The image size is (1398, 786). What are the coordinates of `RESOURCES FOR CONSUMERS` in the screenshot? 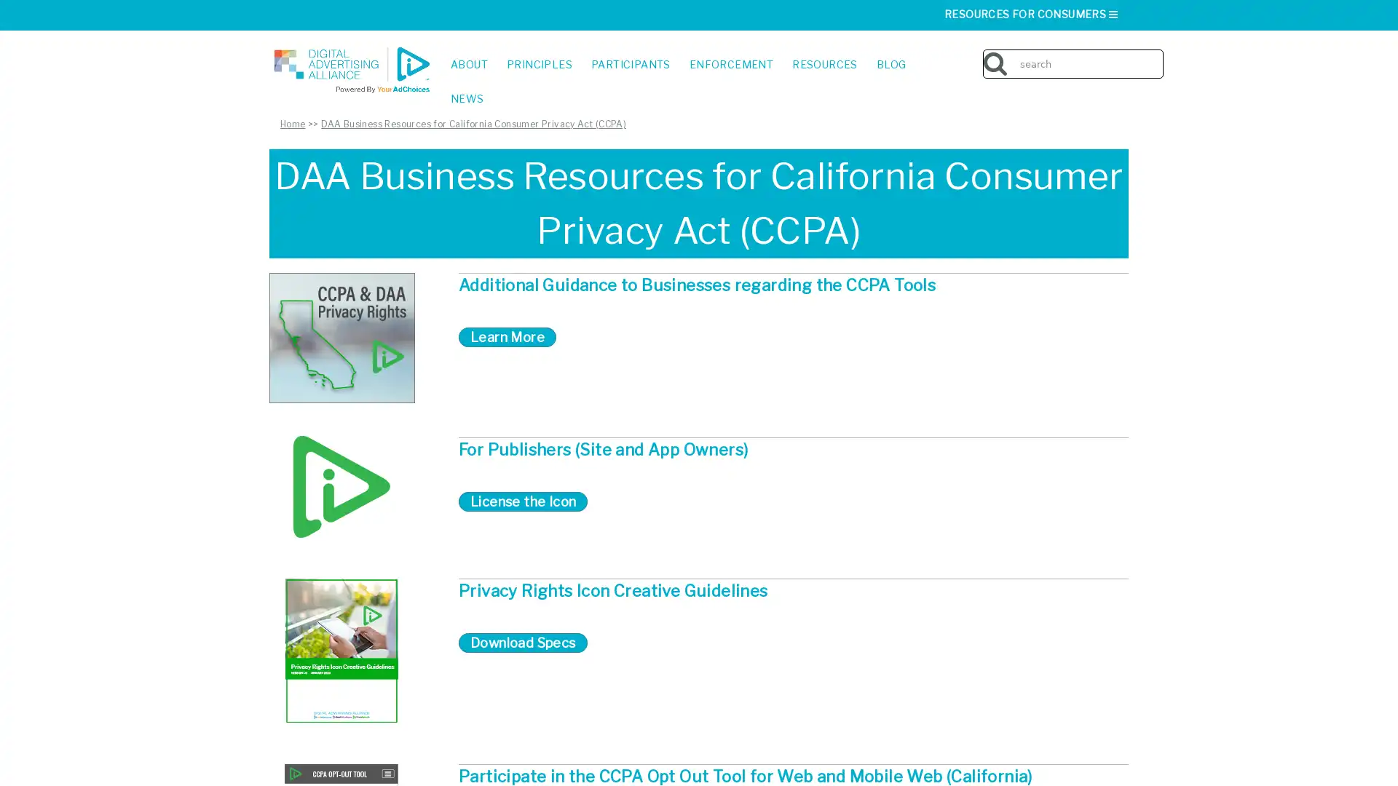 It's located at (1031, 14).